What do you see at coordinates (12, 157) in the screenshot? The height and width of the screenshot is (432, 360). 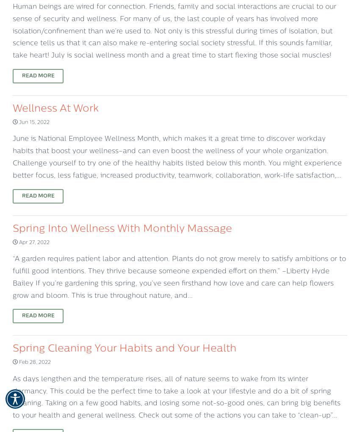 I see `'June is National Employee Wellness Month, which makes it a great time to discover workday habits that boost your wellness–and can even boost the wellness of your whole organization. Challenge yourself to try one of the healthy habits listed below this month. You might experience better focus, less fatigue, increased productivity, teamwork, collaboration, work-life satisfaction,...'` at bounding box center [12, 157].